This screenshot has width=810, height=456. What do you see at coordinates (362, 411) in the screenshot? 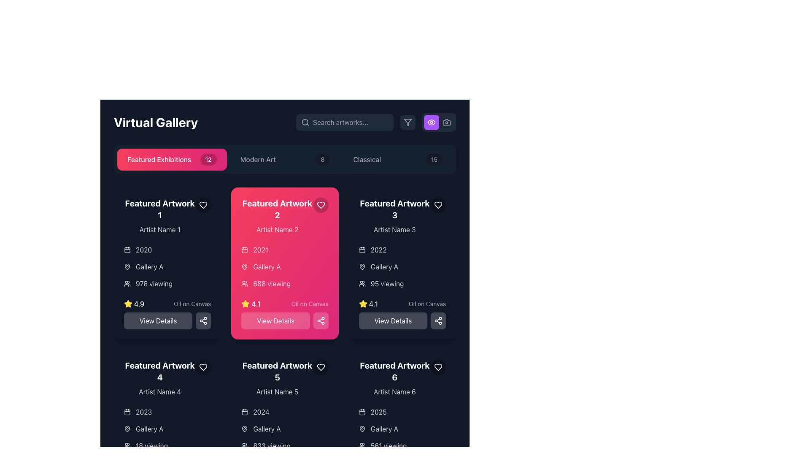
I see `the small white calendar icon located to the left of the label showing the year '2025' in the sixth column of the grid layout under 'Featured Artwork 6'` at bounding box center [362, 411].